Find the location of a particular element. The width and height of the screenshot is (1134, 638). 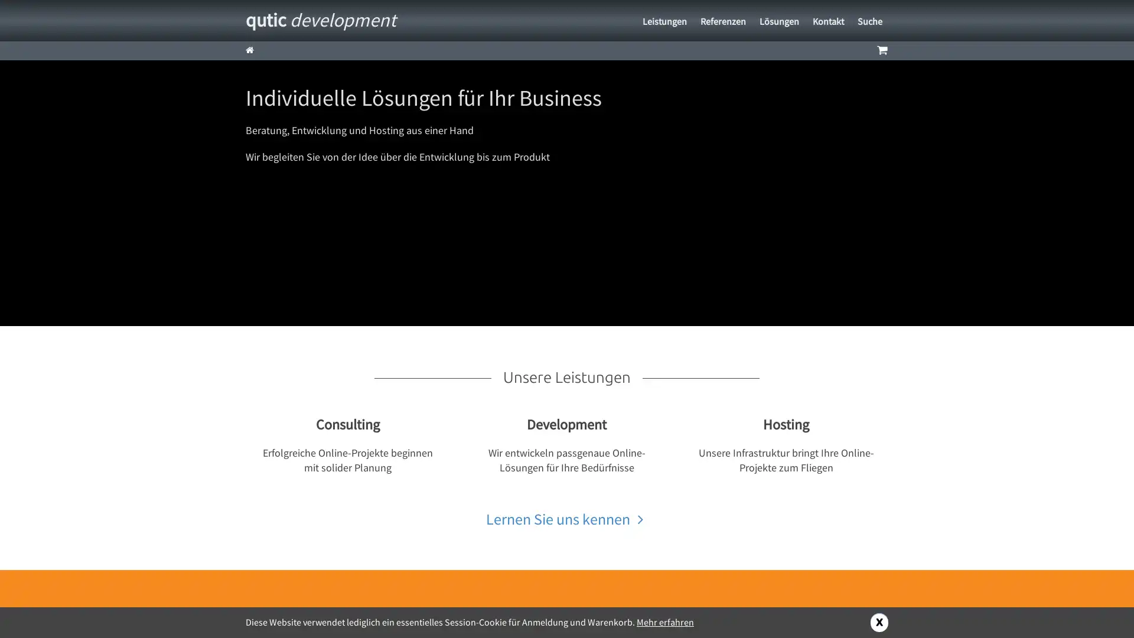

Hinweis ausblenden is located at coordinates (879, 621).